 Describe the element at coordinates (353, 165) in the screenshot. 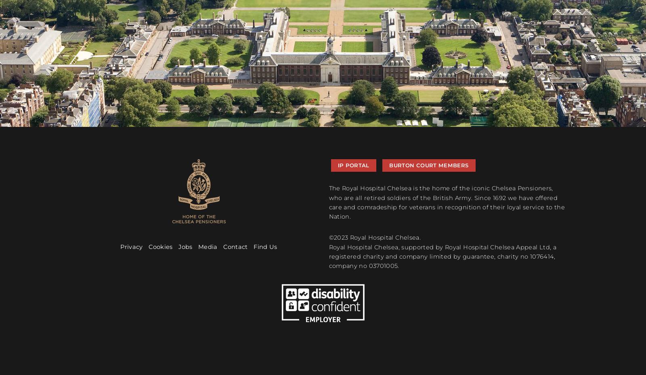

I see `'IP Portal'` at that location.